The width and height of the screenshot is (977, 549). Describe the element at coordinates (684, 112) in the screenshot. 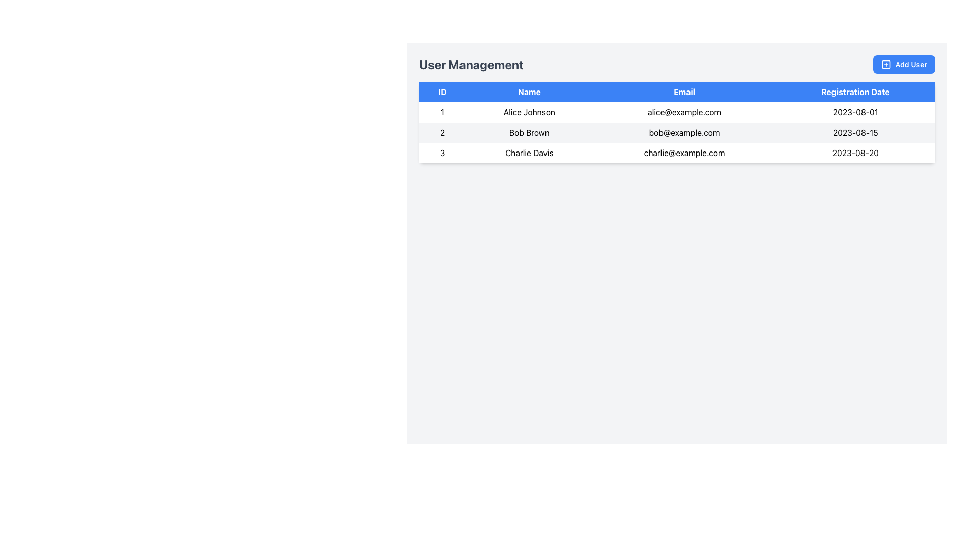

I see `the static text element displaying the email address 'alice@example.com' located in the third column of the first row of a table under the 'Email' header` at that location.